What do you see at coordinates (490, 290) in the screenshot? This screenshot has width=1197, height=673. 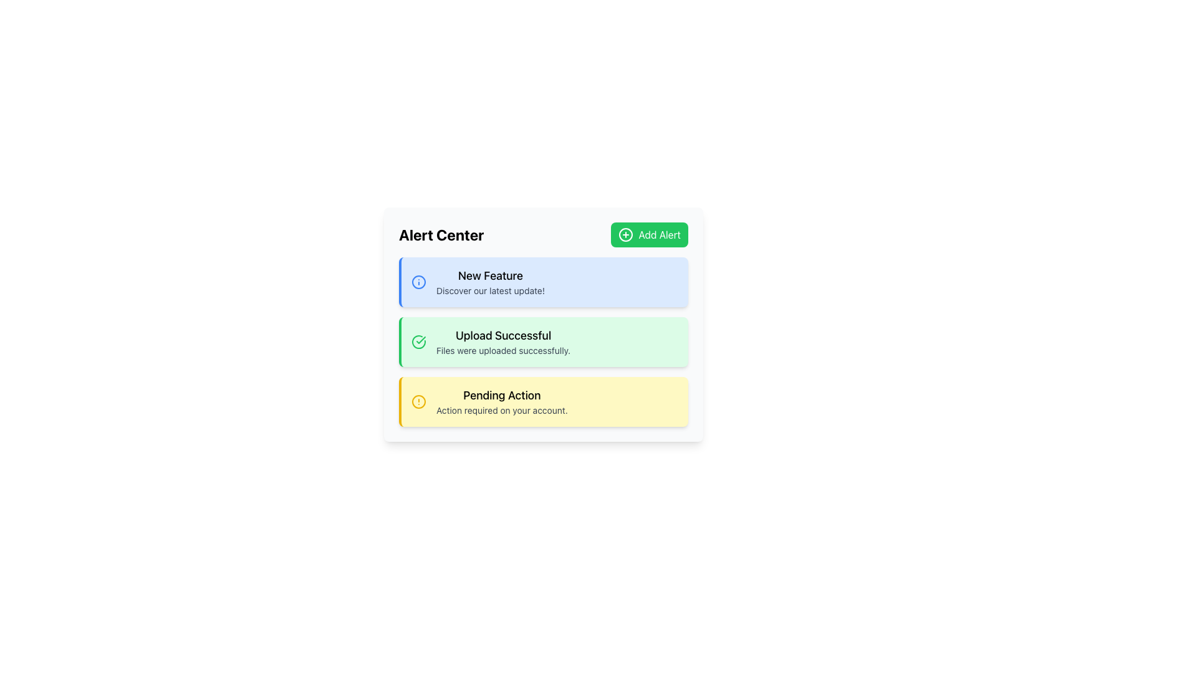 I see `static text element located in the light blue notification panel, positioned directly below the title 'New Feature.'` at bounding box center [490, 290].